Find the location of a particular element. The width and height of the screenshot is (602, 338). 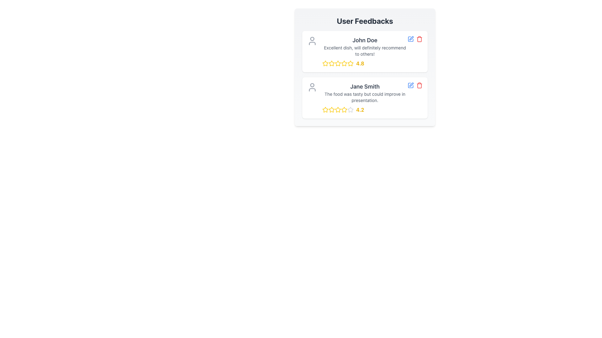

the third star icon in the rating system under 'John Doe' is located at coordinates (338, 64).